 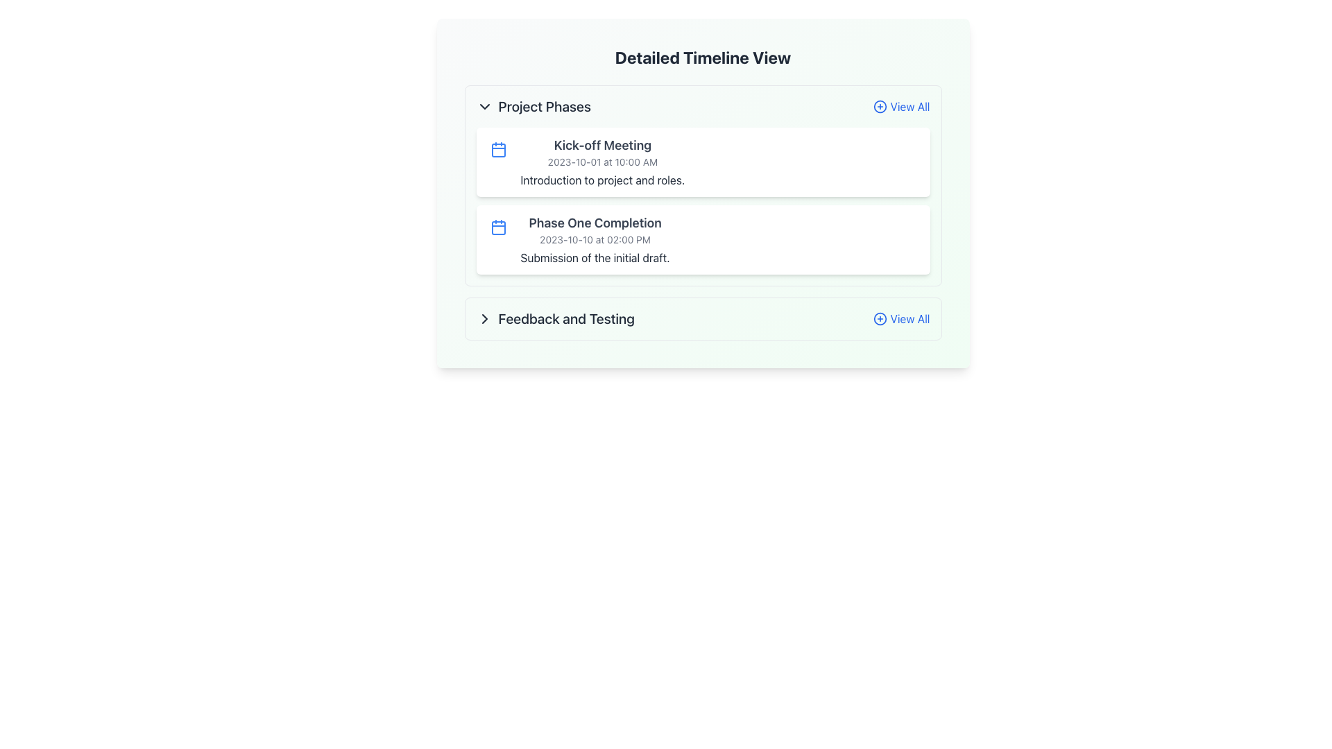 I want to click on the small, blue-colored calendar icon located on the left side of the 'Phase One Completion' section, which is the first visible item in the list under 'Project Phases', so click(x=498, y=226).